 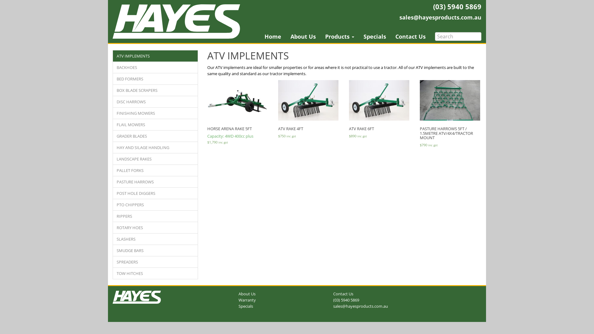 What do you see at coordinates (155, 56) in the screenshot?
I see `'ATV IMPLEMENTS'` at bounding box center [155, 56].